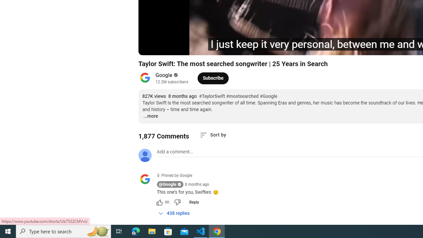 The width and height of the screenshot is (423, 238). I want to click on '#TaylorSwift', so click(212, 96).